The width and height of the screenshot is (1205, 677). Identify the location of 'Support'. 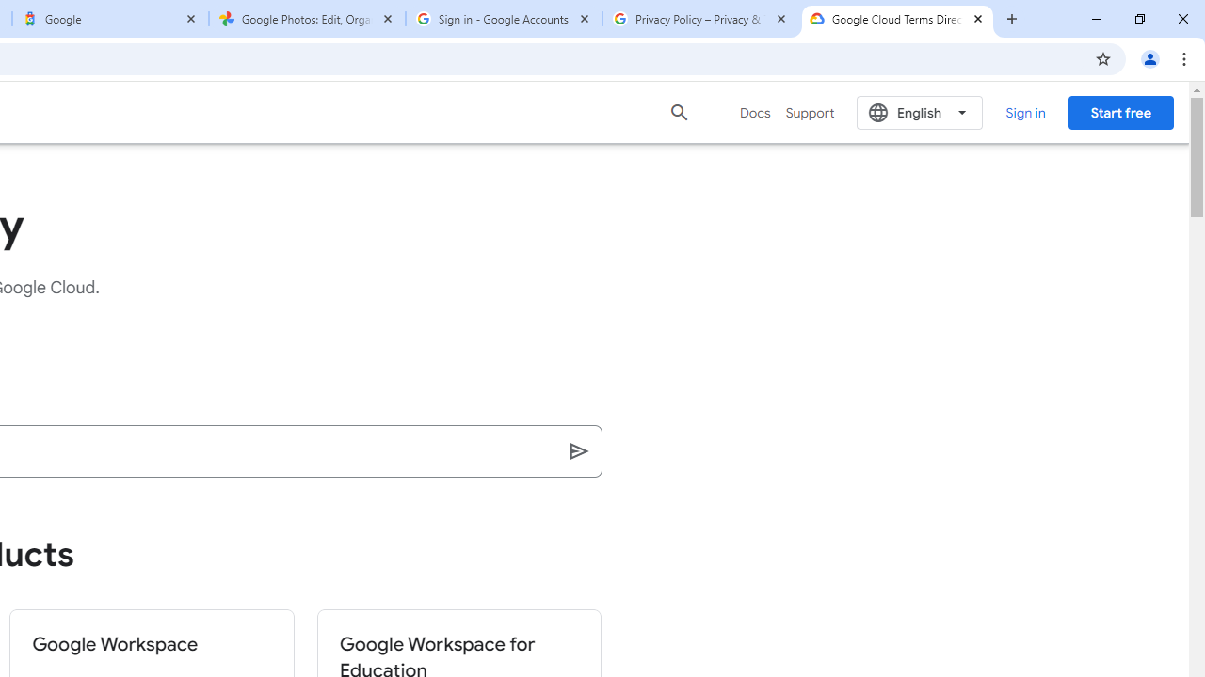
(810, 112).